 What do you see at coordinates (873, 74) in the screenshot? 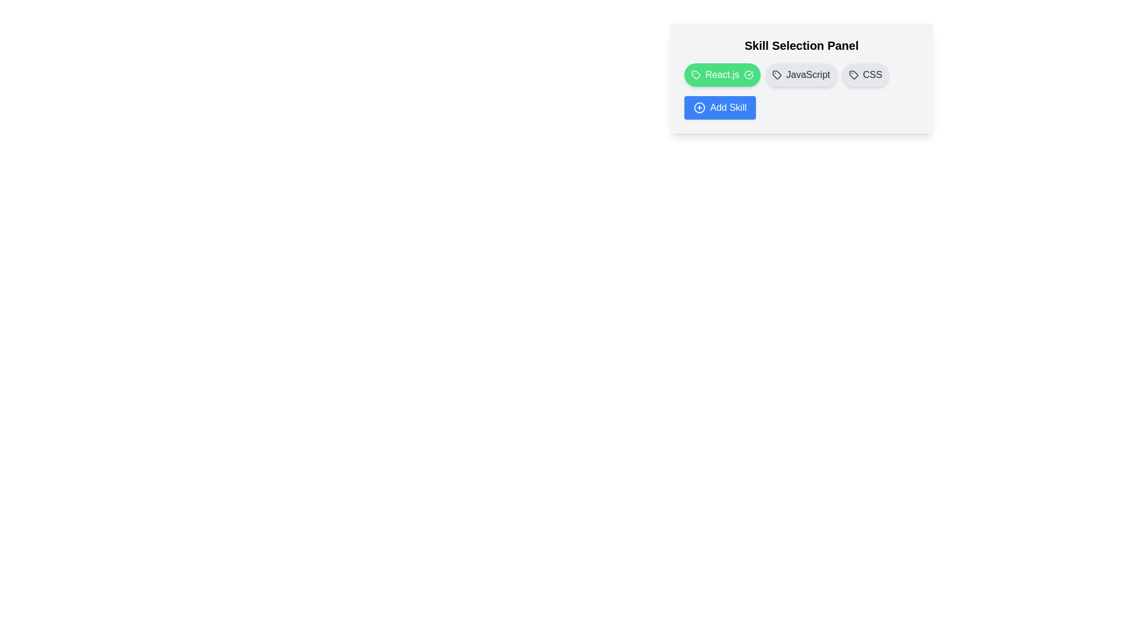
I see `the 'CSS' label in the skill selection interface, which is the last tag in a row of skills located at the top-right section of the interface` at bounding box center [873, 74].